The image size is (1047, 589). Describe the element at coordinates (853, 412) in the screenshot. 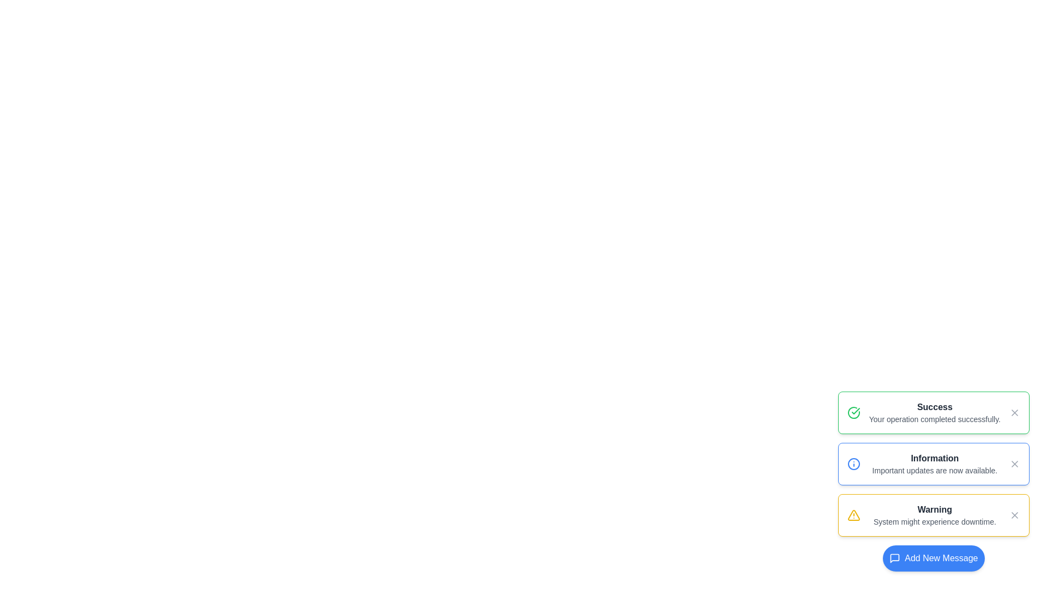

I see `the success icon located at the leftmost point of the 'Success' notification box, which precedes the bold 'Success' title` at that location.